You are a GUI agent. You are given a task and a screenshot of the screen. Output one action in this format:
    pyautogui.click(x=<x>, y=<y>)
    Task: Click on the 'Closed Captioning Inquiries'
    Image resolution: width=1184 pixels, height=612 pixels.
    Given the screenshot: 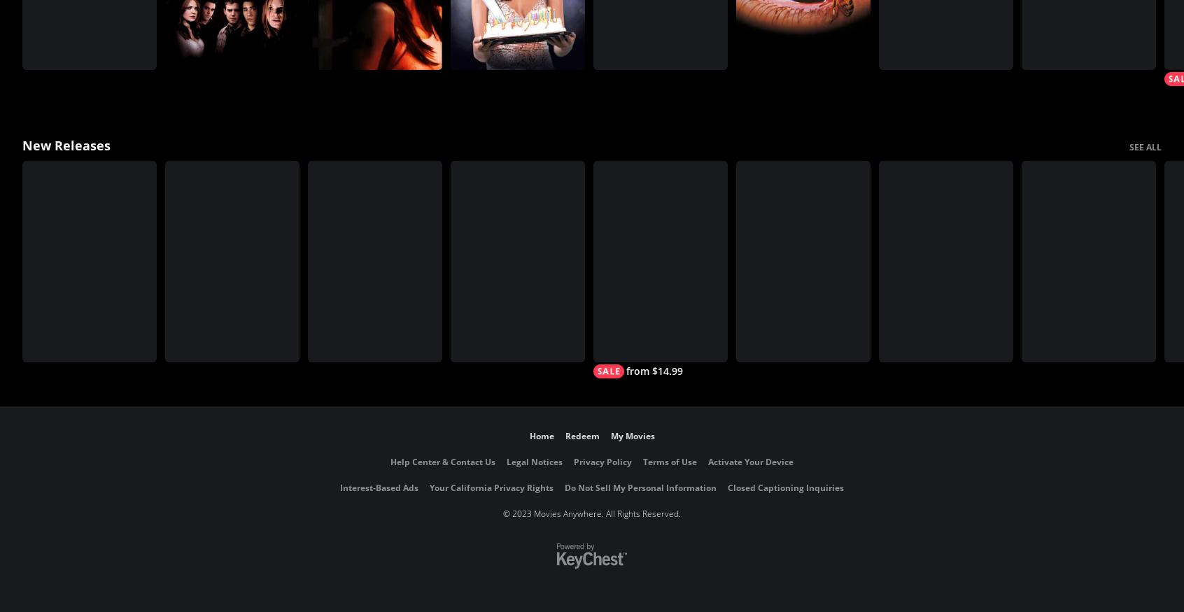 What is the action you would take?
    pyautogui.click(x=727, y=488)
    